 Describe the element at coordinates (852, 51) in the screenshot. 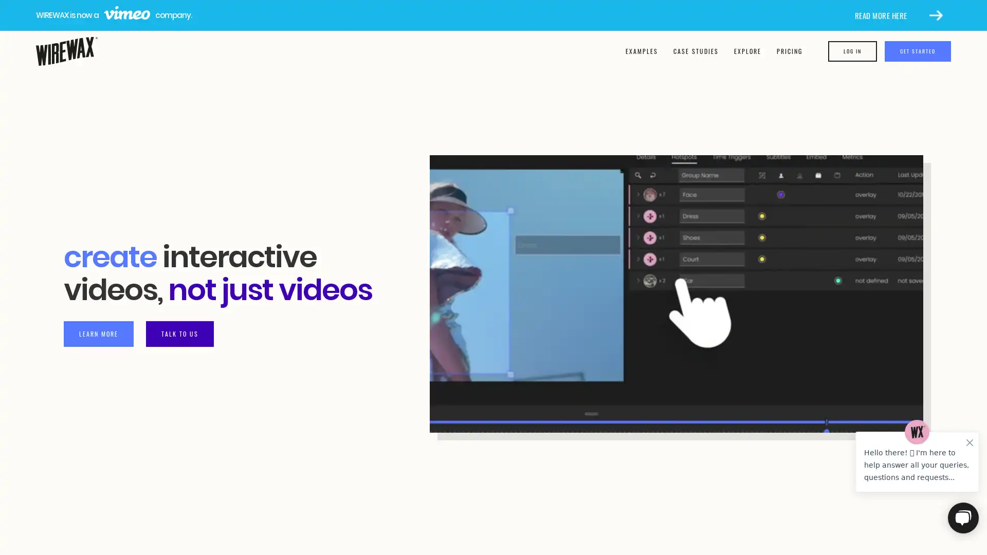

I see `LOG IN` at that location.